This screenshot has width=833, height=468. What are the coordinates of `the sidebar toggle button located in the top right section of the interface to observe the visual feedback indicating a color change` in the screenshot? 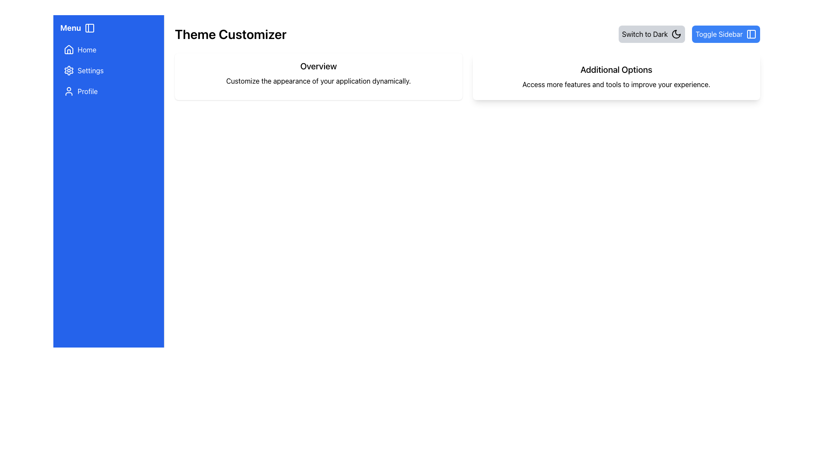 It's located at (726, 33).